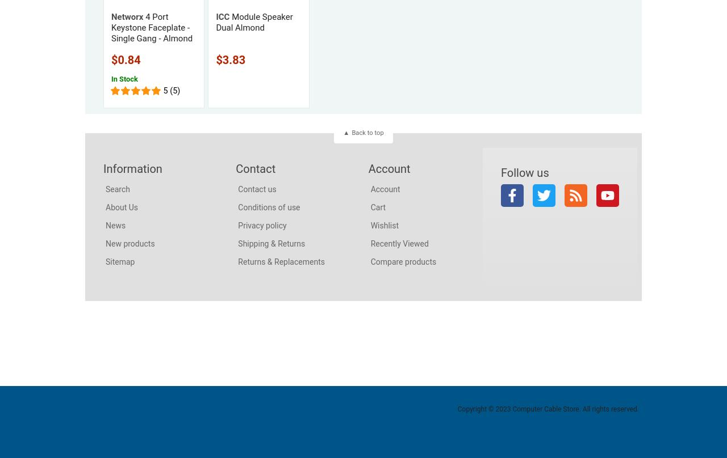 This screenshot has width=727, height=458. What do you see at coordinates (103, 168) in the screenshot?
I see `'Information'` at bounding box center [103, 168].